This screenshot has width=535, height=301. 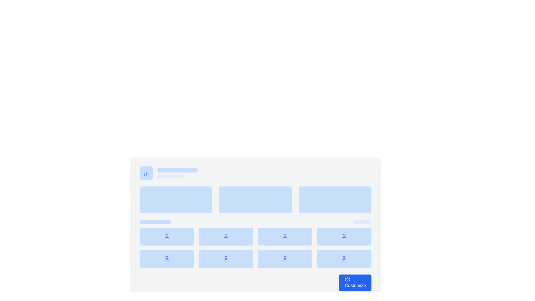 I want to click on the loading animation of the Skeleton Placeholder, which is a light blue rectangular card-like shape with rounded corners, positioned at the top-left section of the interface, so click(x=177, y=170).